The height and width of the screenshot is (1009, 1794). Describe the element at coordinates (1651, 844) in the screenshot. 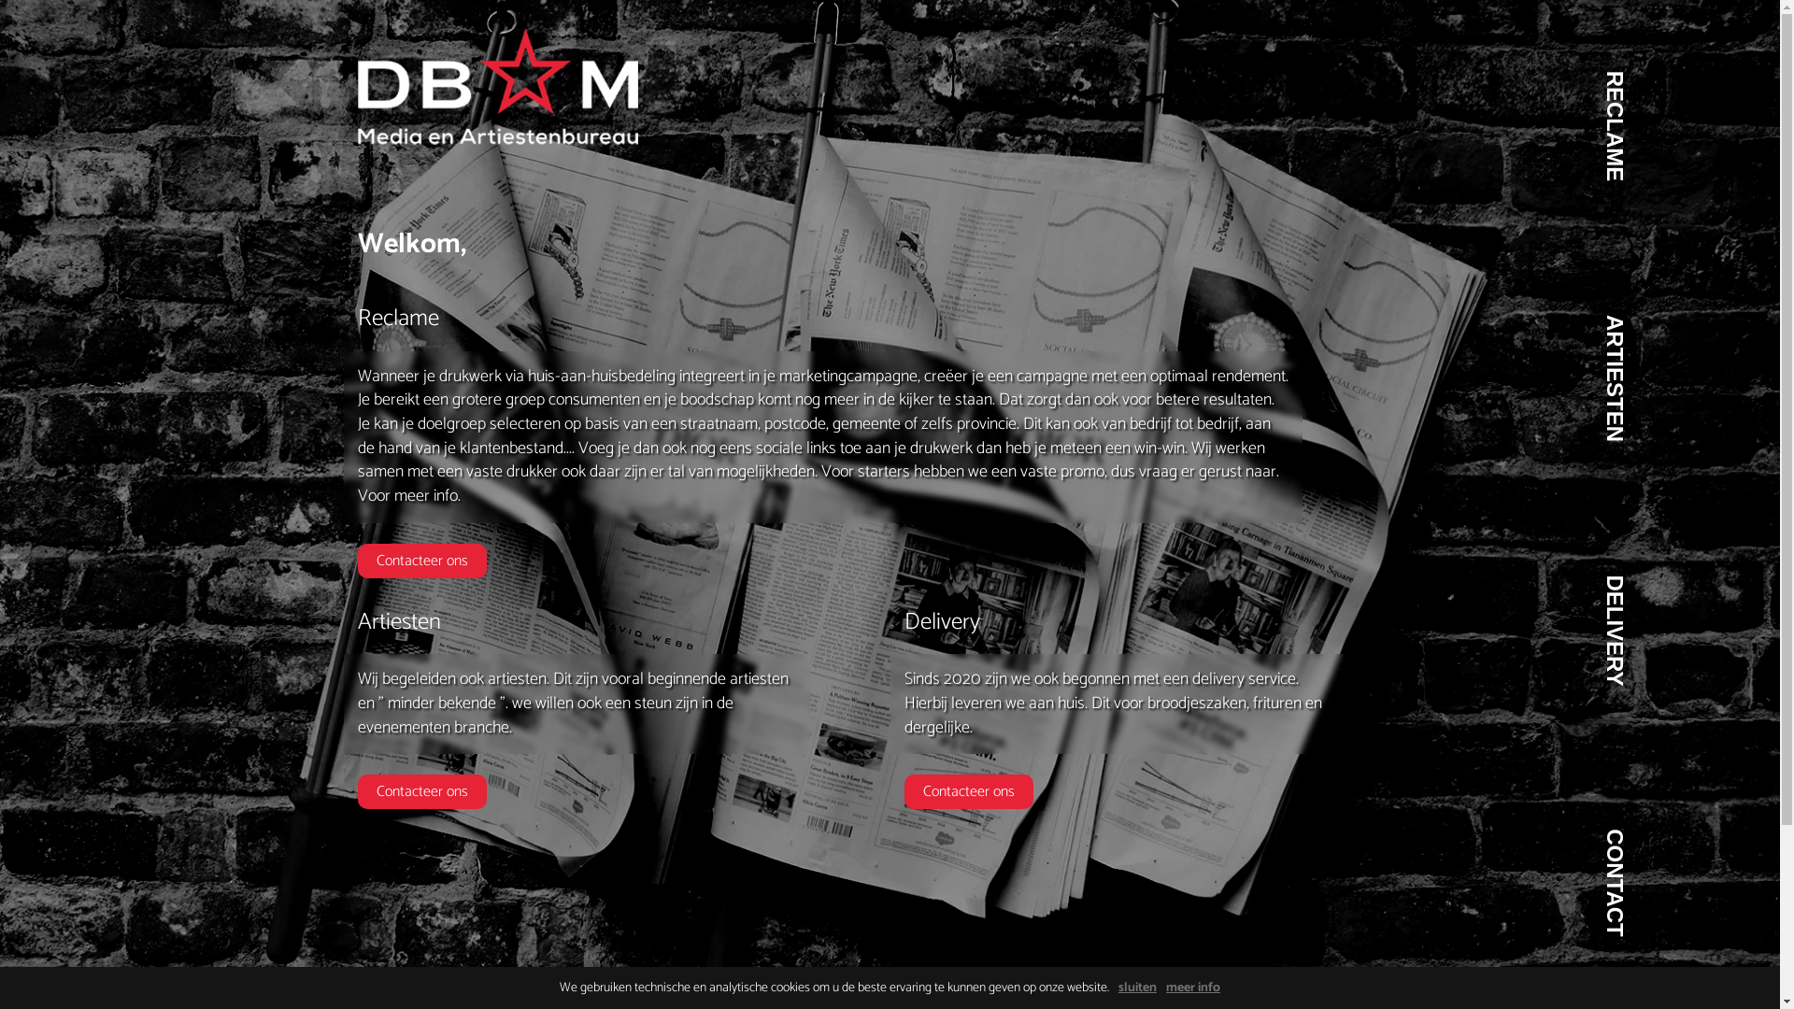

I see `'CONTACT'` at that location.